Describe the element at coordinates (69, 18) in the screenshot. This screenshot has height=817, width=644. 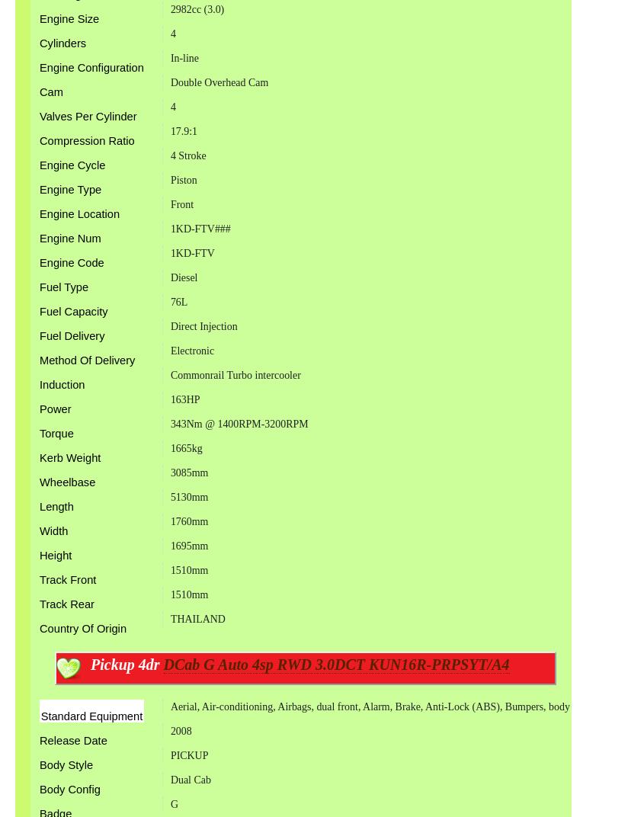
I see `'Engine Size'` at that location.